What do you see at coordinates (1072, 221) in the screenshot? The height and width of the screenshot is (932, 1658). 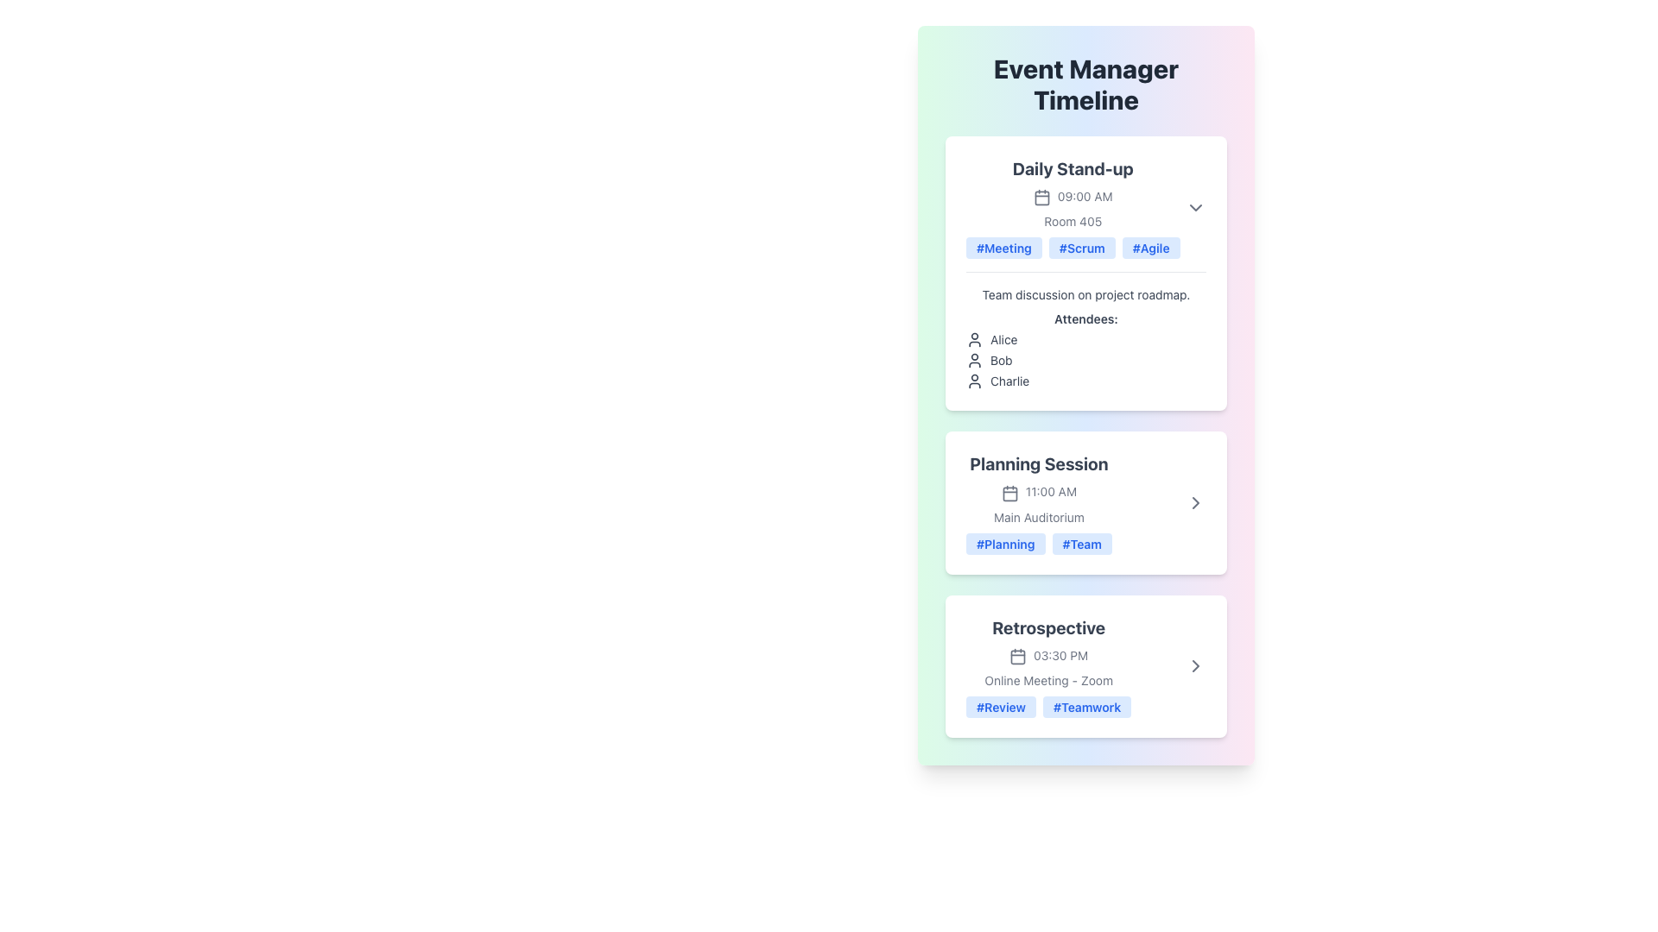 I see `the text label displaying 'Room 405' which is styled in light gray and positioned below the '09:00 AM' label and above the tags in the 'Daily Stand-up' section` at bounding box center [1072, 221].